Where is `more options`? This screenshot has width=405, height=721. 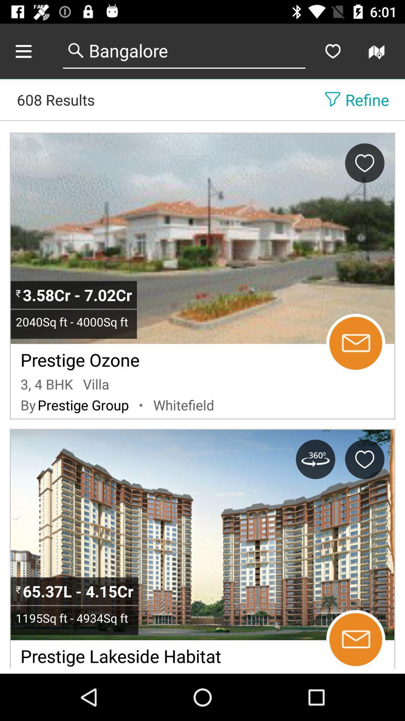
more options is located at coordinates (31, 51).